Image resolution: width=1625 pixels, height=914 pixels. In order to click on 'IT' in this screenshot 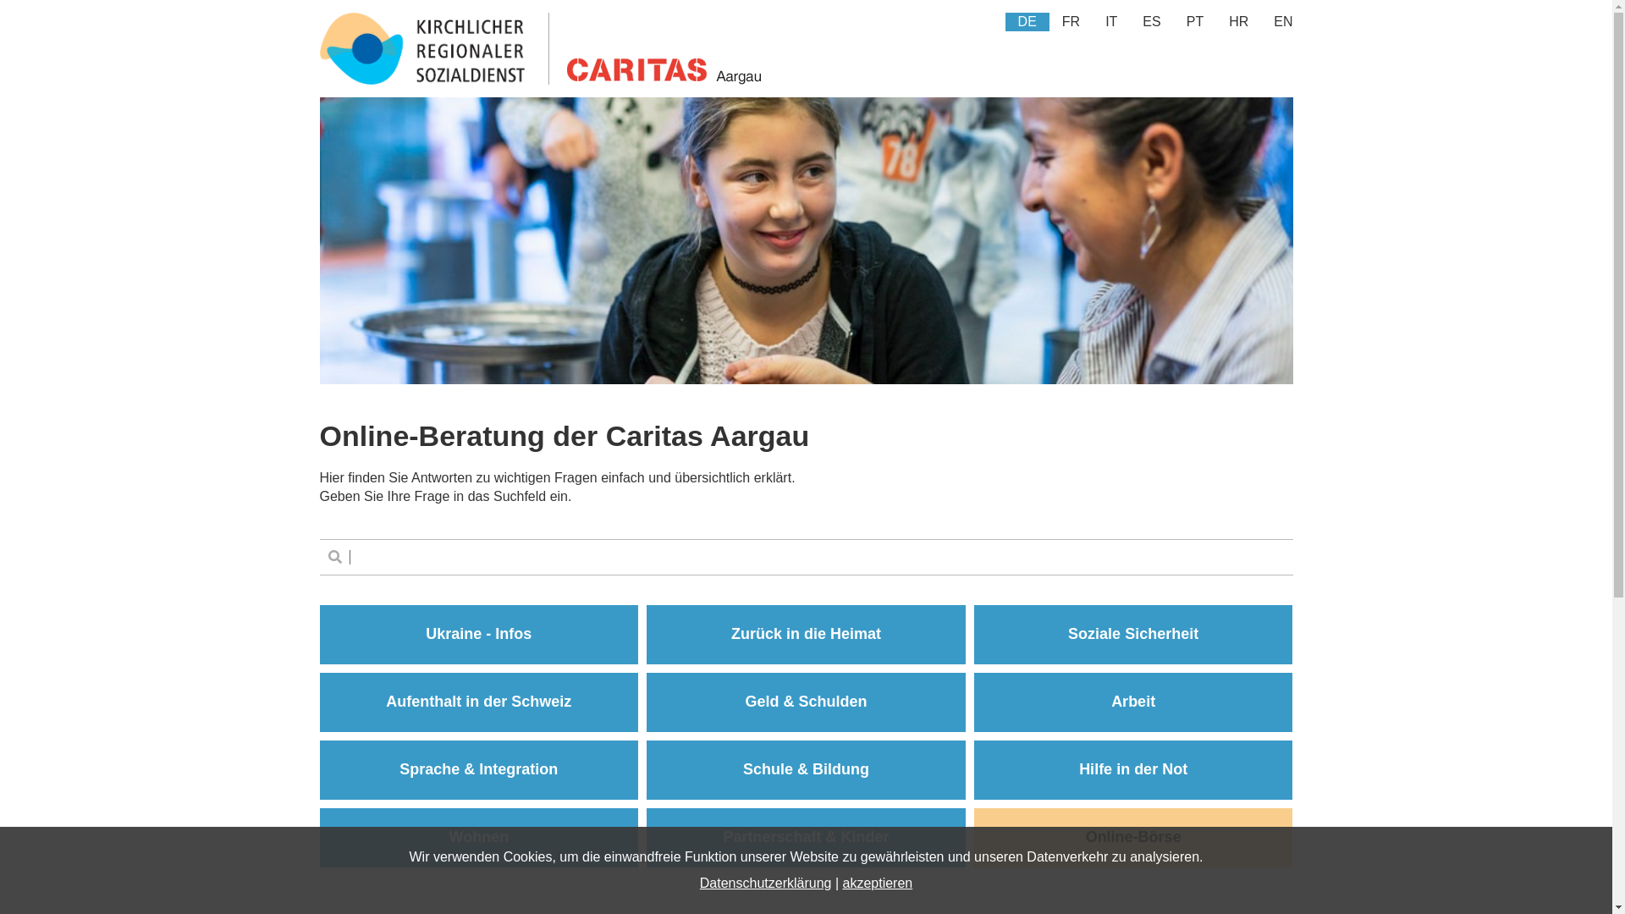, I will do `click(1111, 22)`.